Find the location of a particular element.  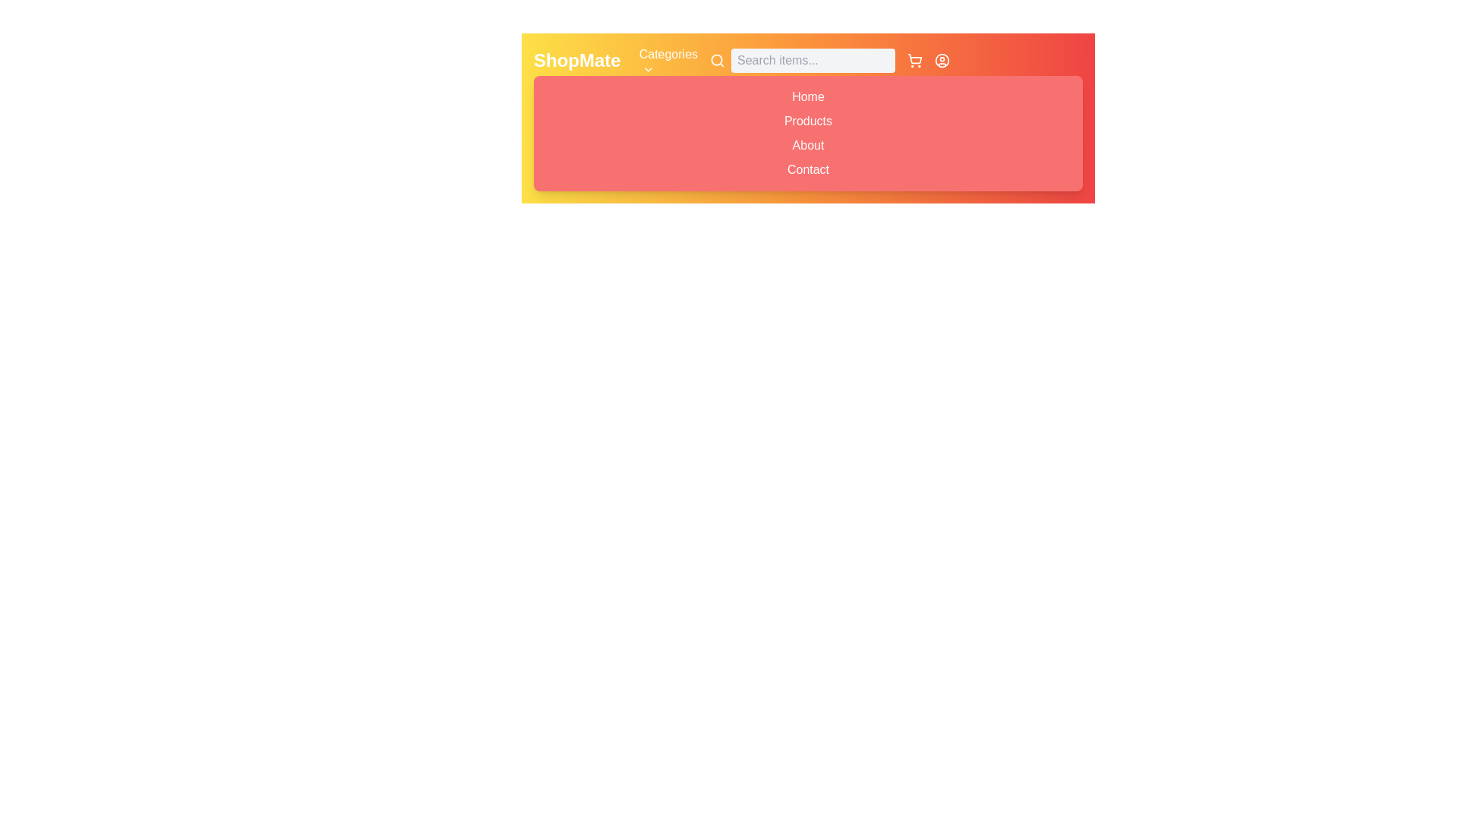

the brand or application title located on the top bar of the interface, positioned towards the left side, before the 'Categories' label and search bar is located at coordinates (576, 60).